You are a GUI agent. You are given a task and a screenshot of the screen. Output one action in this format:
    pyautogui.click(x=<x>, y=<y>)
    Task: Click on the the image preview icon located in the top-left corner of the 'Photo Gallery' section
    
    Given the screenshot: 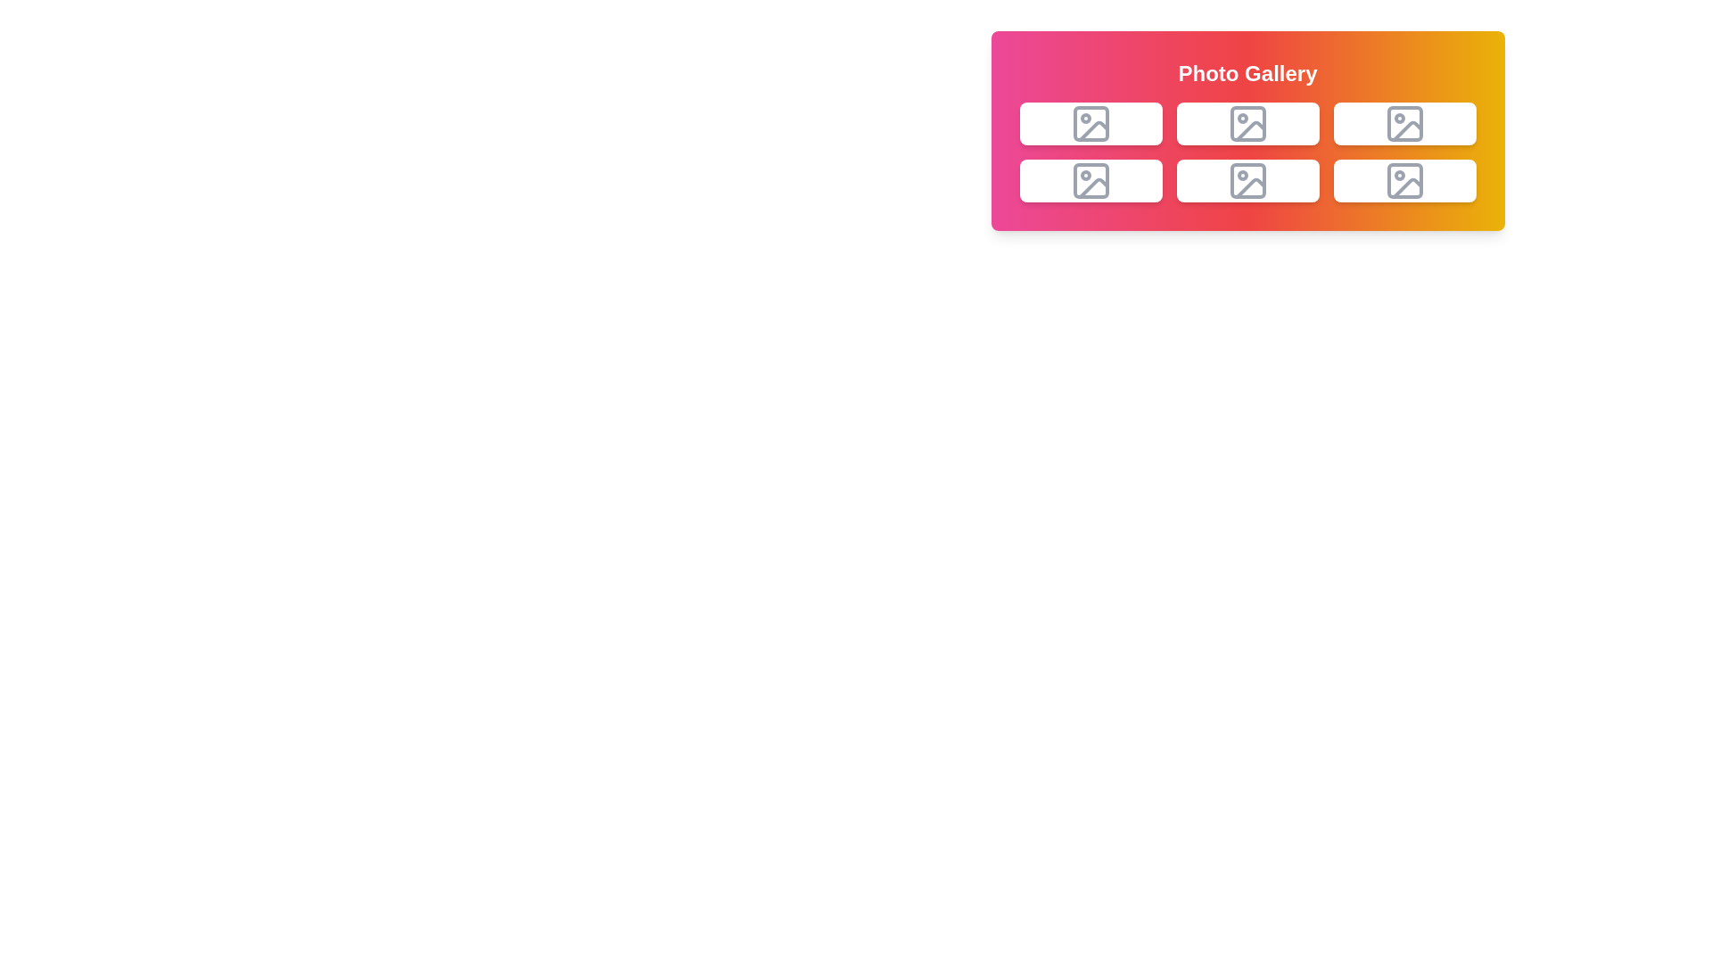 What is the action you would take?
    pyautogui.click(x=1090, y=122)
    